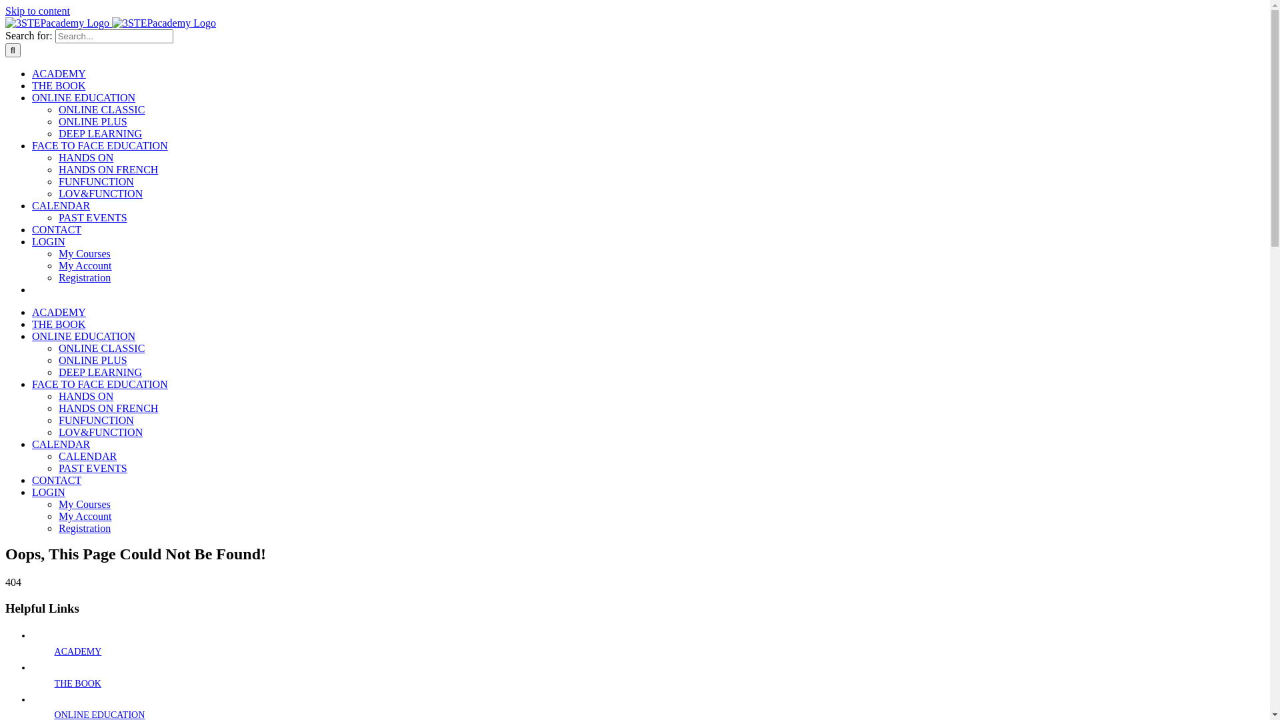 The image size is (1280, 720). I want to click on 'My Account', so click(85, 265).